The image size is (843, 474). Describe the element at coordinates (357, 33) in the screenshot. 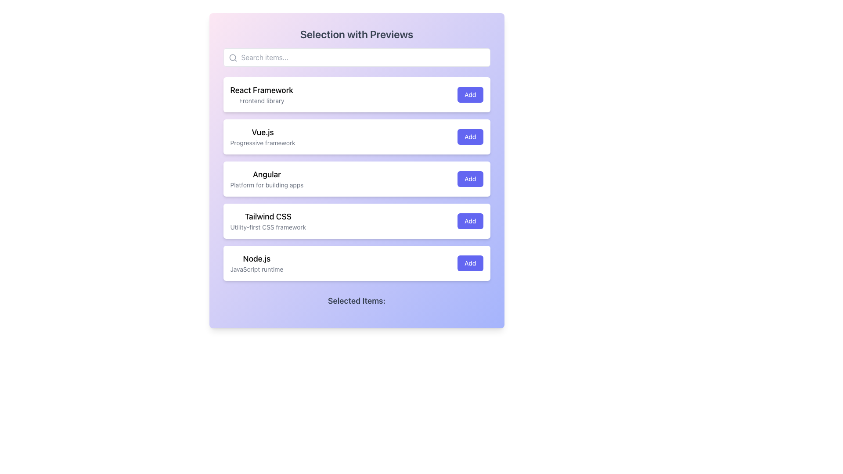

I see `the Text (Heading) element at the top center of the card, which serves as the descriptive title for the interface section` at that location.